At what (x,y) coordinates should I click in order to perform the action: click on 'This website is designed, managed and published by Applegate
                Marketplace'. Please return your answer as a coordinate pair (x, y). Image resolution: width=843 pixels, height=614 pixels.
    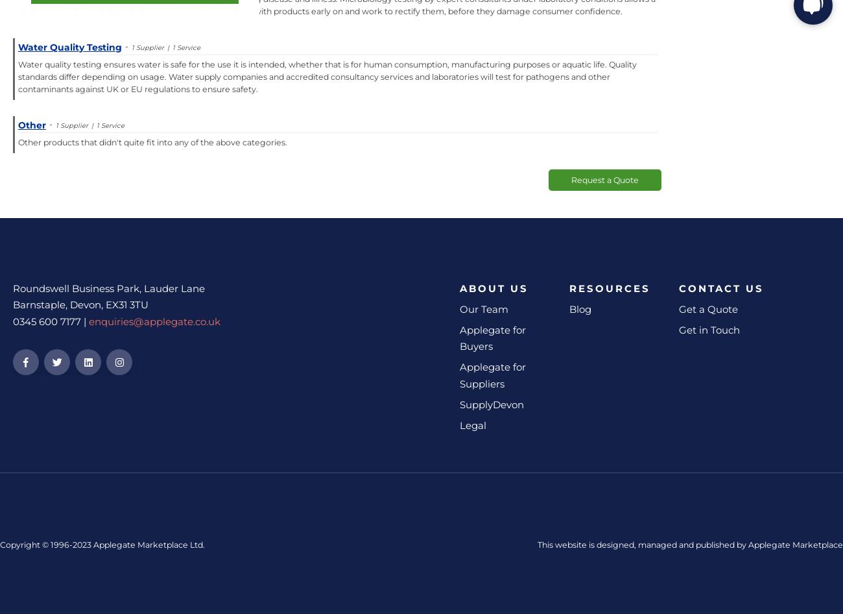
    Looking at the image, I should click on (690, 545).